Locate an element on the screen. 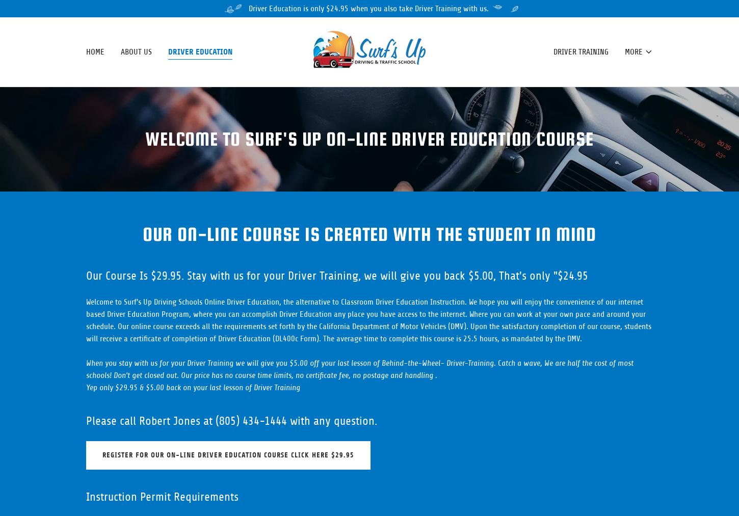  'Driver Education is only $24.95 when you also take Driver Training with us.' is located at coordinates (367, 8).